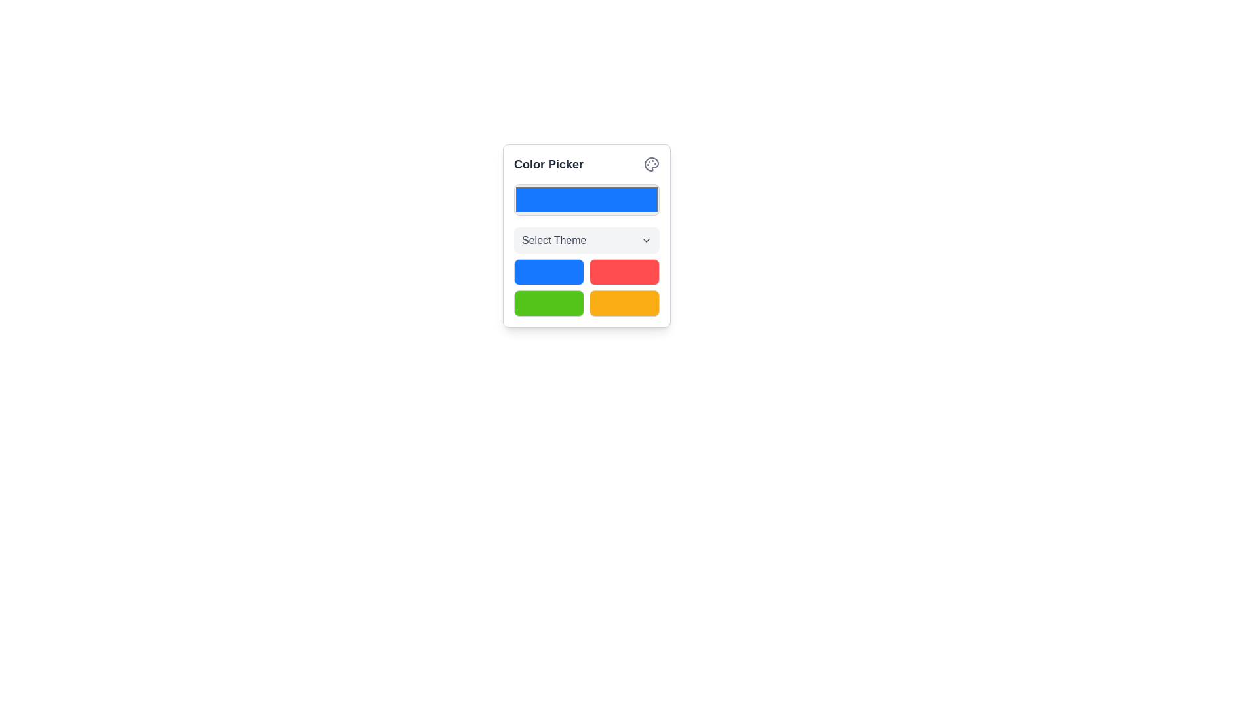 This screenshot has height=708, width=1259. I want to click on the color picker button located below the 'Color Picker' title, so click(586, 199).